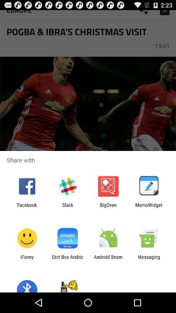 This screenshot has width=176, height=313. I want to click on the item to the right of the slack app, so click(108, 207).